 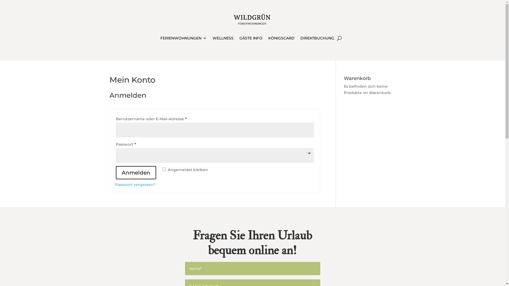 What do you see at coordinates (252, 19) in the screenshot?
I see `'logo_wildgruen_22'` at bounding box center [252, 19].